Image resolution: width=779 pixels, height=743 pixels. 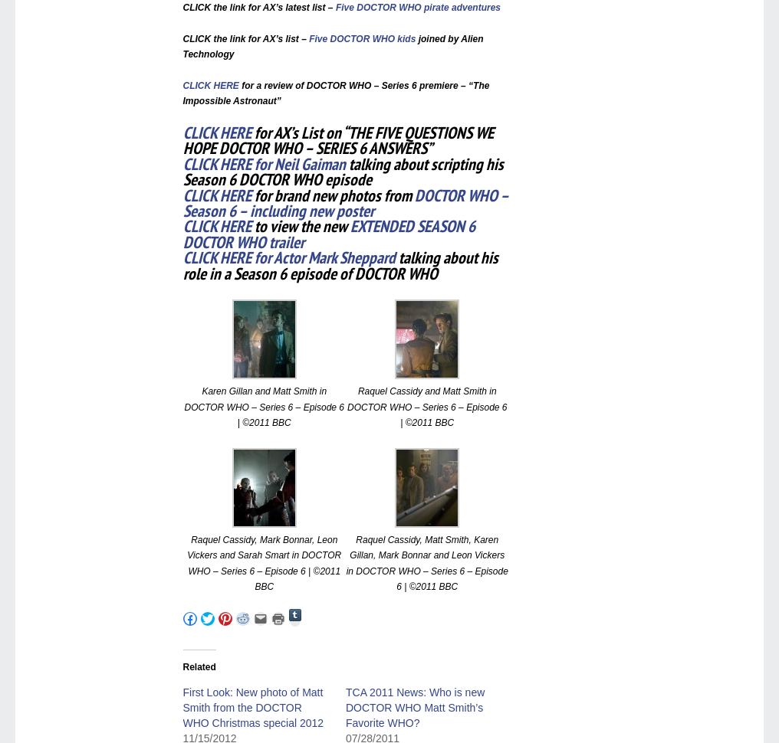 What do you see at coordinates (264, 407) in the screenshot?
I see `'Karen Gillan and Matt Smith in DOCTOR WHO – Series 6 – Episode 6 | ©2011 BBC'` at bounding box center [264, 407].